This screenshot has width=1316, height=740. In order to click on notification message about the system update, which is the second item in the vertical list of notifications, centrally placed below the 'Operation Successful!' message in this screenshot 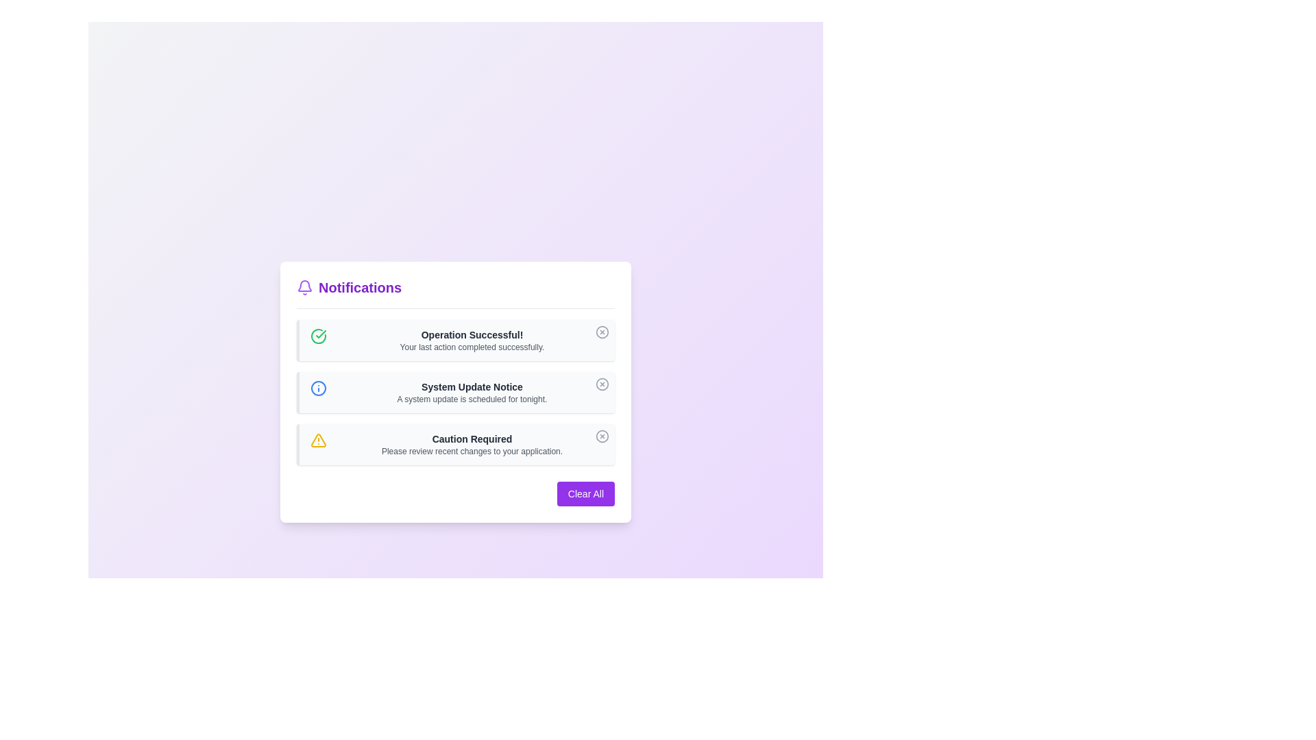, I will do `click(472, 392)`.